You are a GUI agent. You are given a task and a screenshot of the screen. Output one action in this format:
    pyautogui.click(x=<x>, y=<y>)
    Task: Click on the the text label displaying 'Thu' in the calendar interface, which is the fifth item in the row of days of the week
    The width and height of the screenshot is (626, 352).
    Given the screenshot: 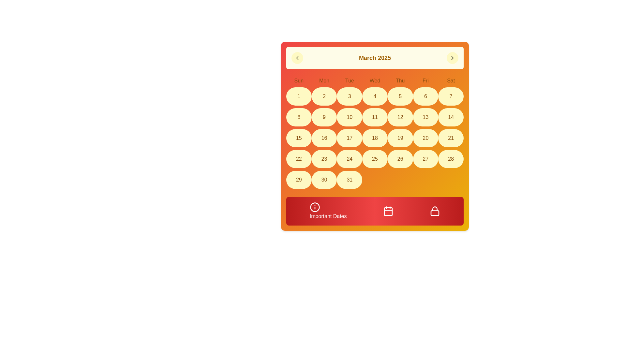 What is the action you would take?
    pyautogui.click(x=400, y=80)
    